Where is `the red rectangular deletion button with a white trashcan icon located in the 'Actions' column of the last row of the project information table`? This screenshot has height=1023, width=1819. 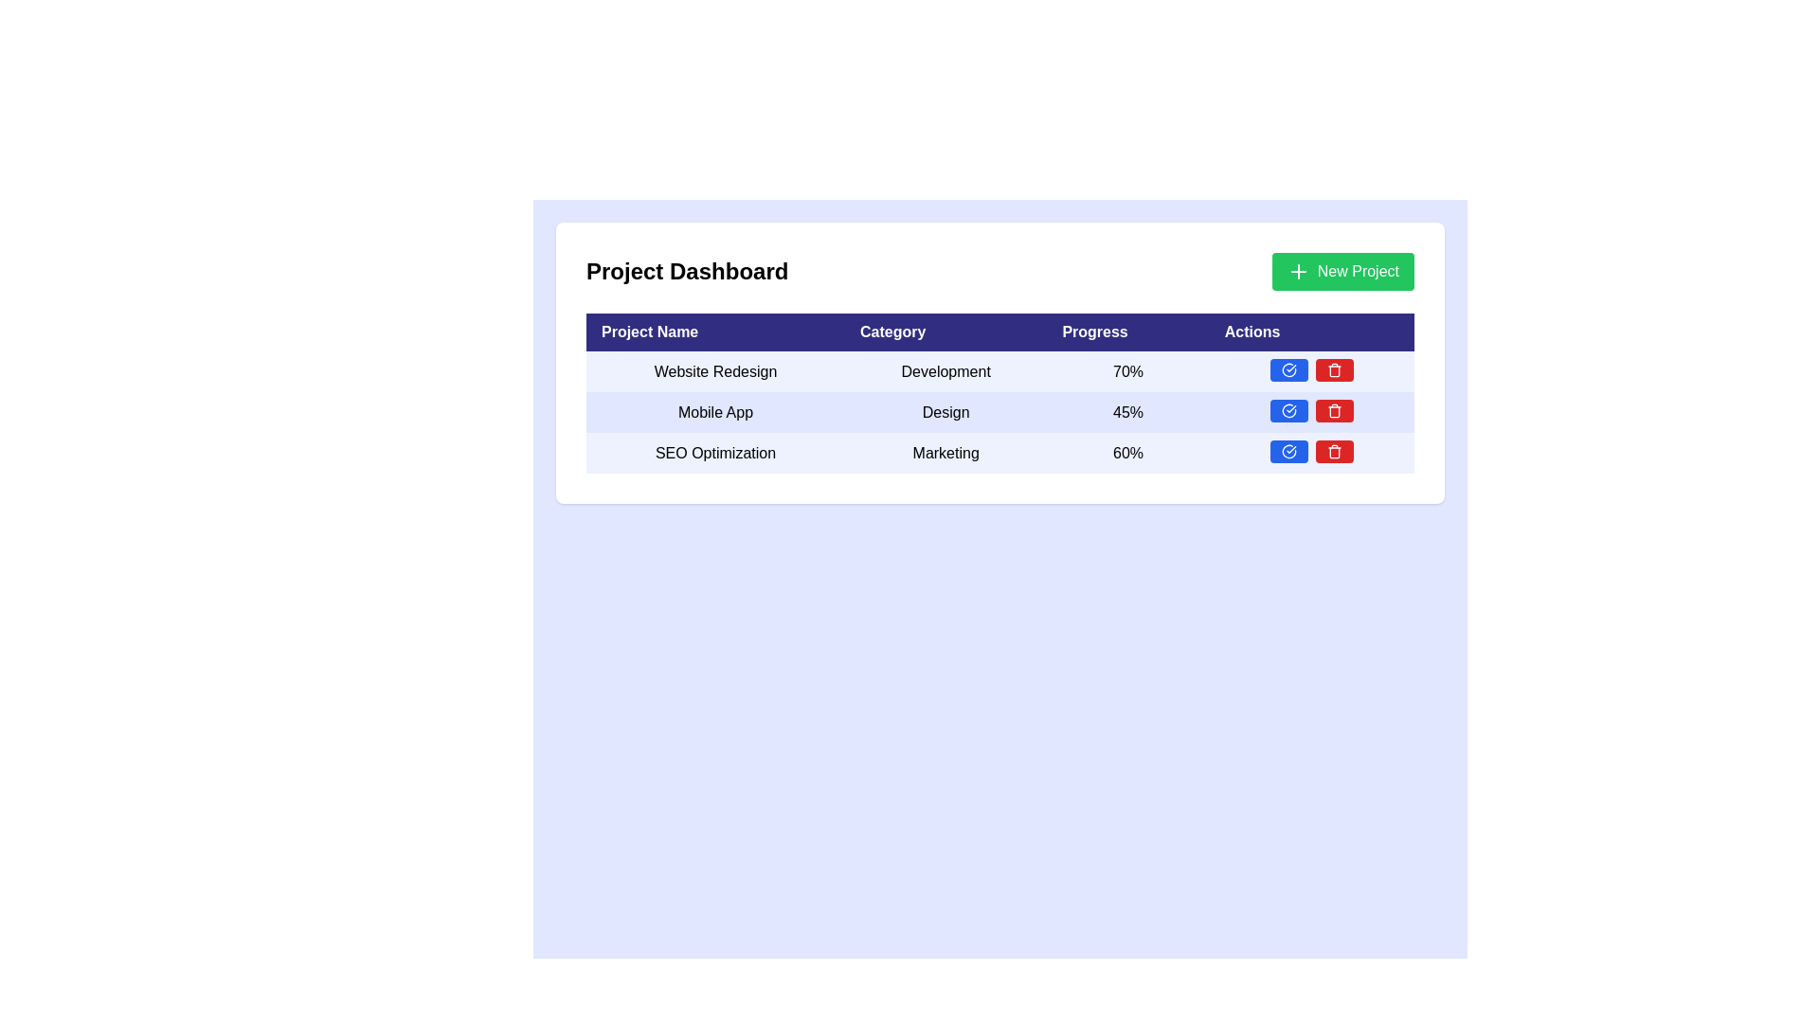
the red rectangular deletion button with a white trashcan icon located in the 'Actions' column of the last row of the project information table is located at coordinates (1333, 369).